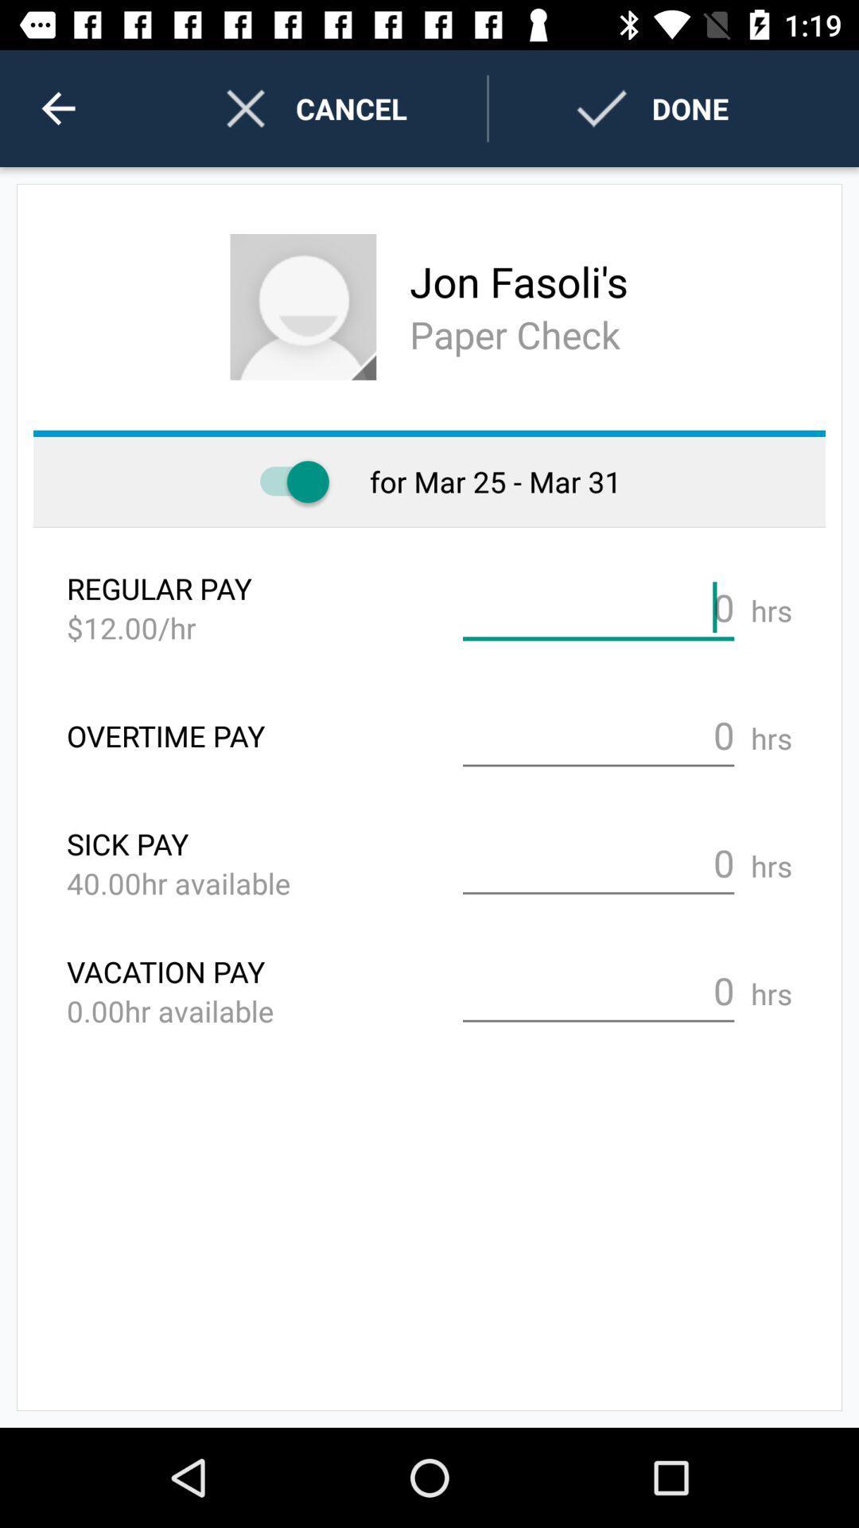  Describe the element at coordinates (303, 306) in the screenshot. I see `the item next to jon fasoli's icon` at that location.